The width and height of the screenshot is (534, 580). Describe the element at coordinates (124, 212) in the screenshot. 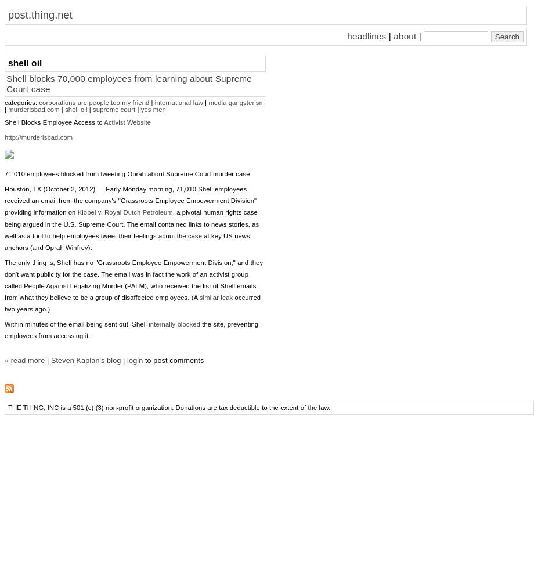

I see `'Kiobel v. Royal Dutch Petroleum'` at that location.